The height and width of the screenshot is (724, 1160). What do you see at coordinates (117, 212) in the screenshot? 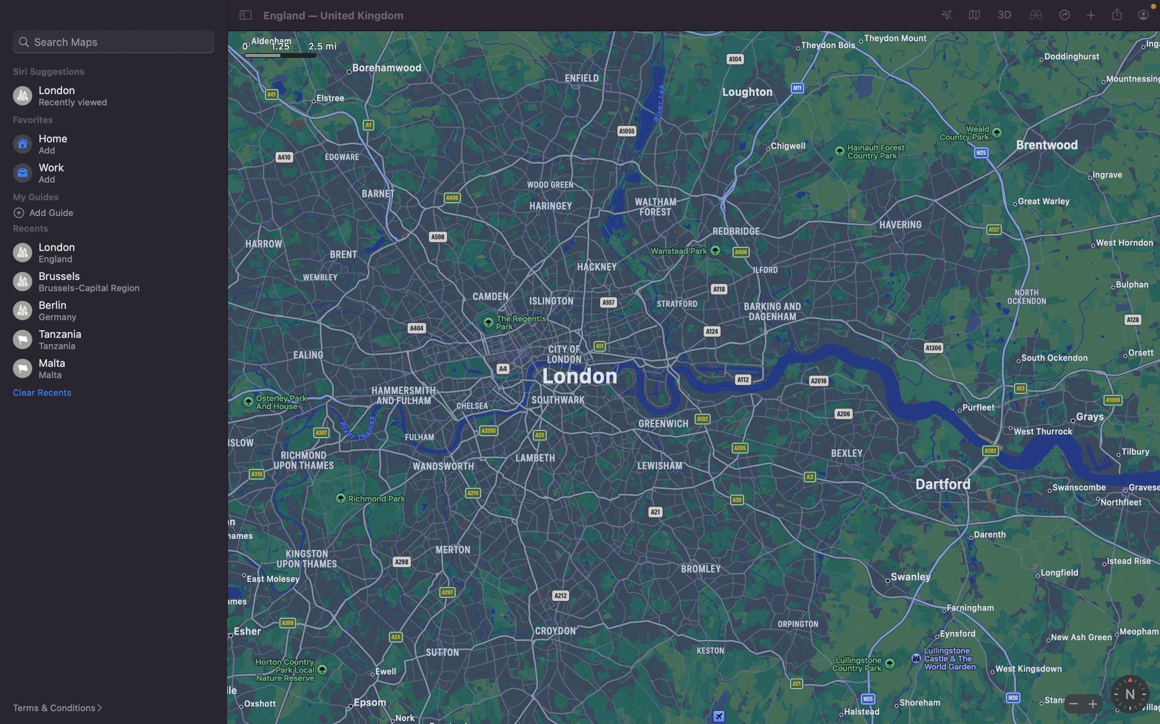
I see `Insert a new sightseeing guide category` at bounding box center [117, 212].